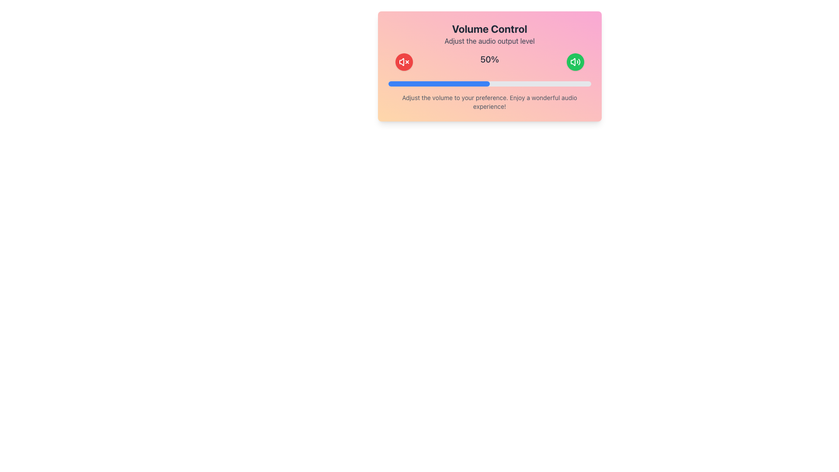 This screenshot has width=839, height=472. What do you see at coordinates (489, 62) in the screenshot?
I see `the text element that displays the current volume setting, which is centrally located within the volume control section, aligned with the mute and increase volume buttons` at bounding box center [489, 62].